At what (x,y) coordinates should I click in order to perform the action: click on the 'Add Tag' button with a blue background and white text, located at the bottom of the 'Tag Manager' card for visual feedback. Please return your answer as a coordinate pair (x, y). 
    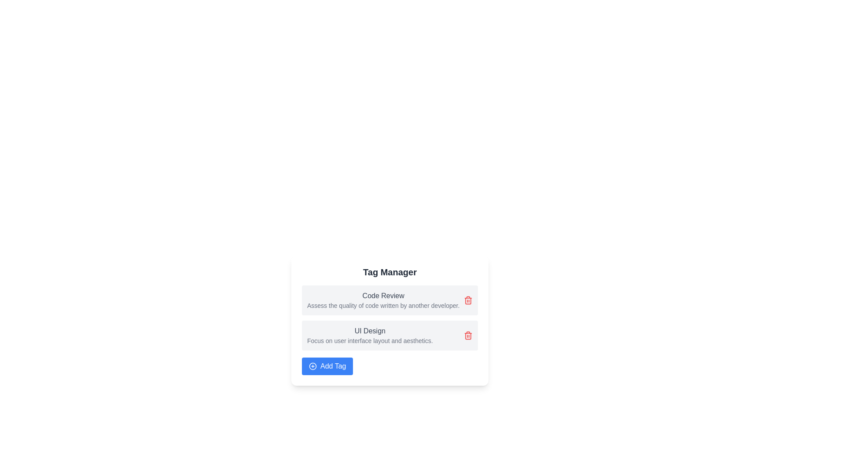
    Looking at the image, I should click on (327, 366).